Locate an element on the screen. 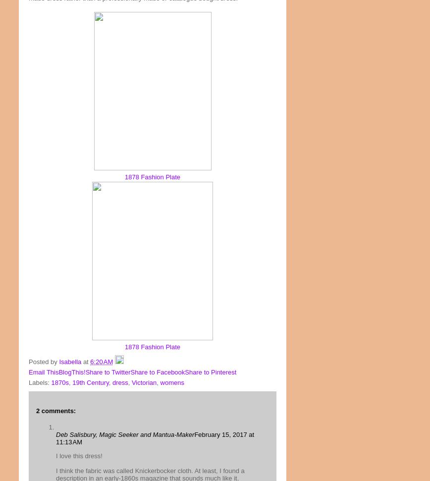 This screenshot has width=430, height=481. 'womens' is located at coordinates (172, 382).